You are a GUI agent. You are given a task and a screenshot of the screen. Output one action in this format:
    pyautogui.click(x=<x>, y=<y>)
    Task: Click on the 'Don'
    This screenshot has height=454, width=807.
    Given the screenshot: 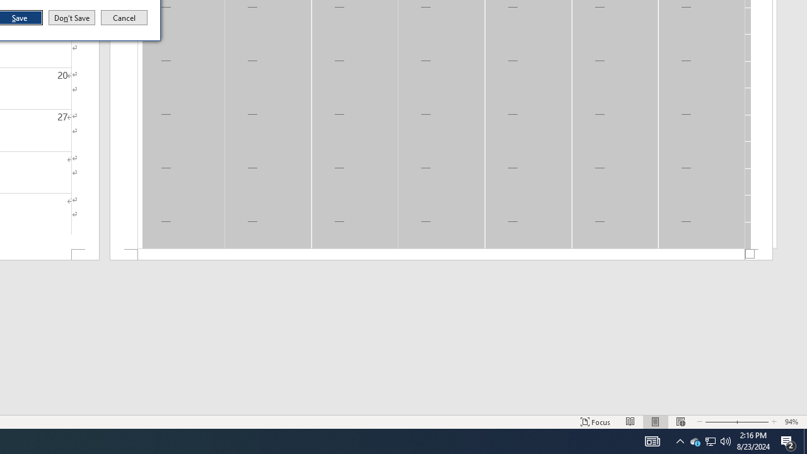 What is the action you would take?
    pyautogui.click(x=71, y=18)
    